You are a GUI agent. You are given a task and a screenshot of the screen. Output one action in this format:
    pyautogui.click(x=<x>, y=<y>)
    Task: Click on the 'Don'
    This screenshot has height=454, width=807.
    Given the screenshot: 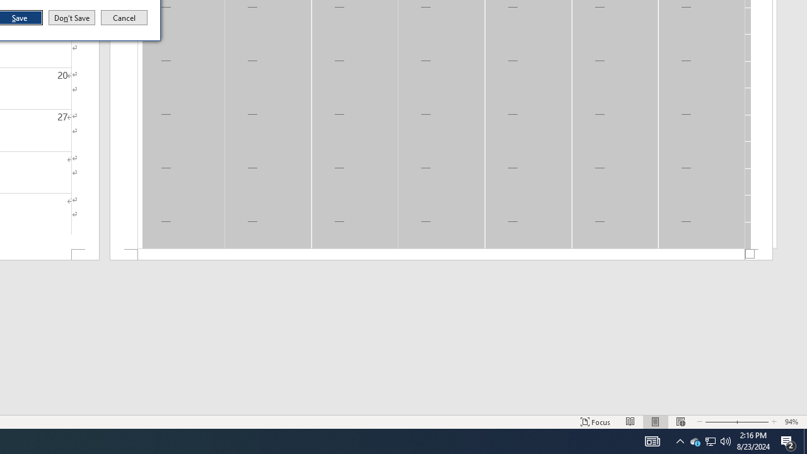 What is the action you would take?
    pyautogui.click(x=71, y=18)
    